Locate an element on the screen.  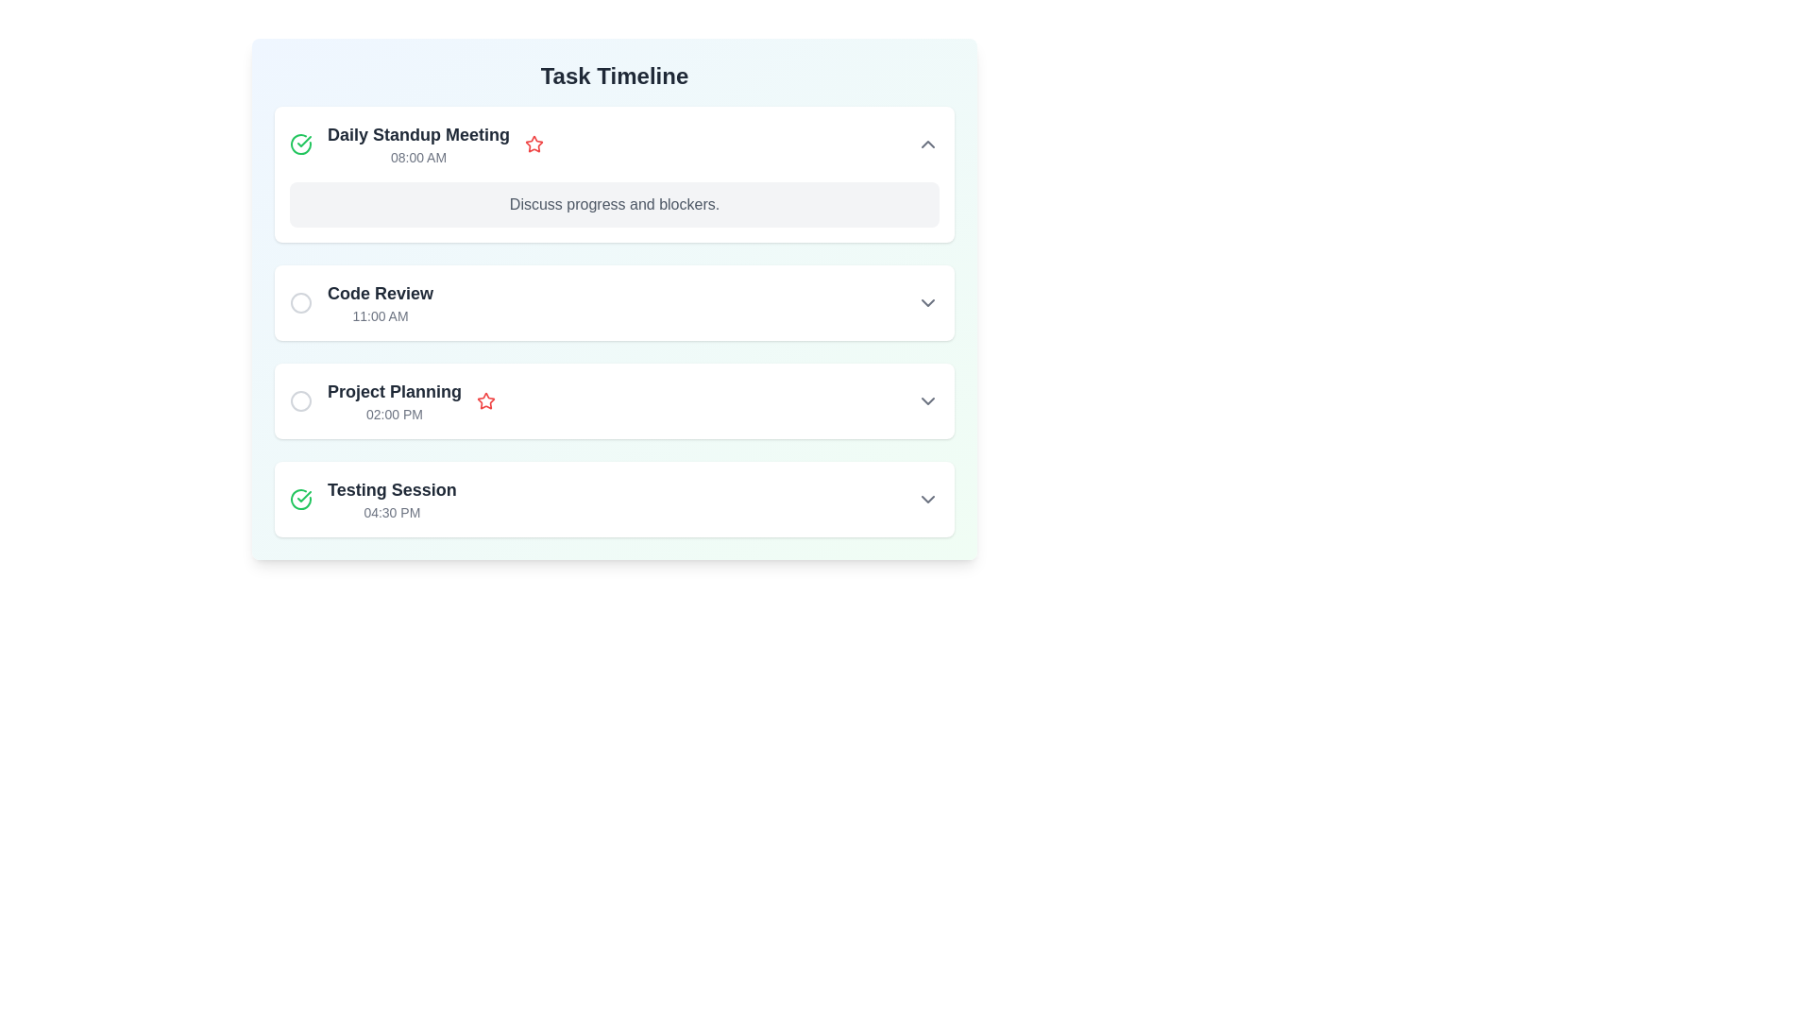
the icons associated with the first task entry in the task list located below the 'Task Timeline' header to mark or update its status is located at coordinates (415, 144).